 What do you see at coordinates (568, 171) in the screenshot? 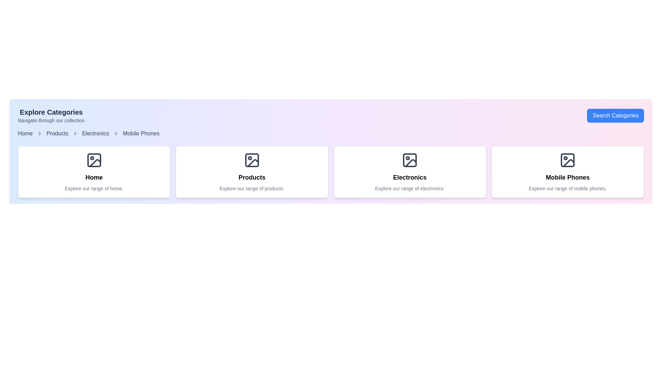
I see `the Category card that guides users` at bounding box center [568, 171].